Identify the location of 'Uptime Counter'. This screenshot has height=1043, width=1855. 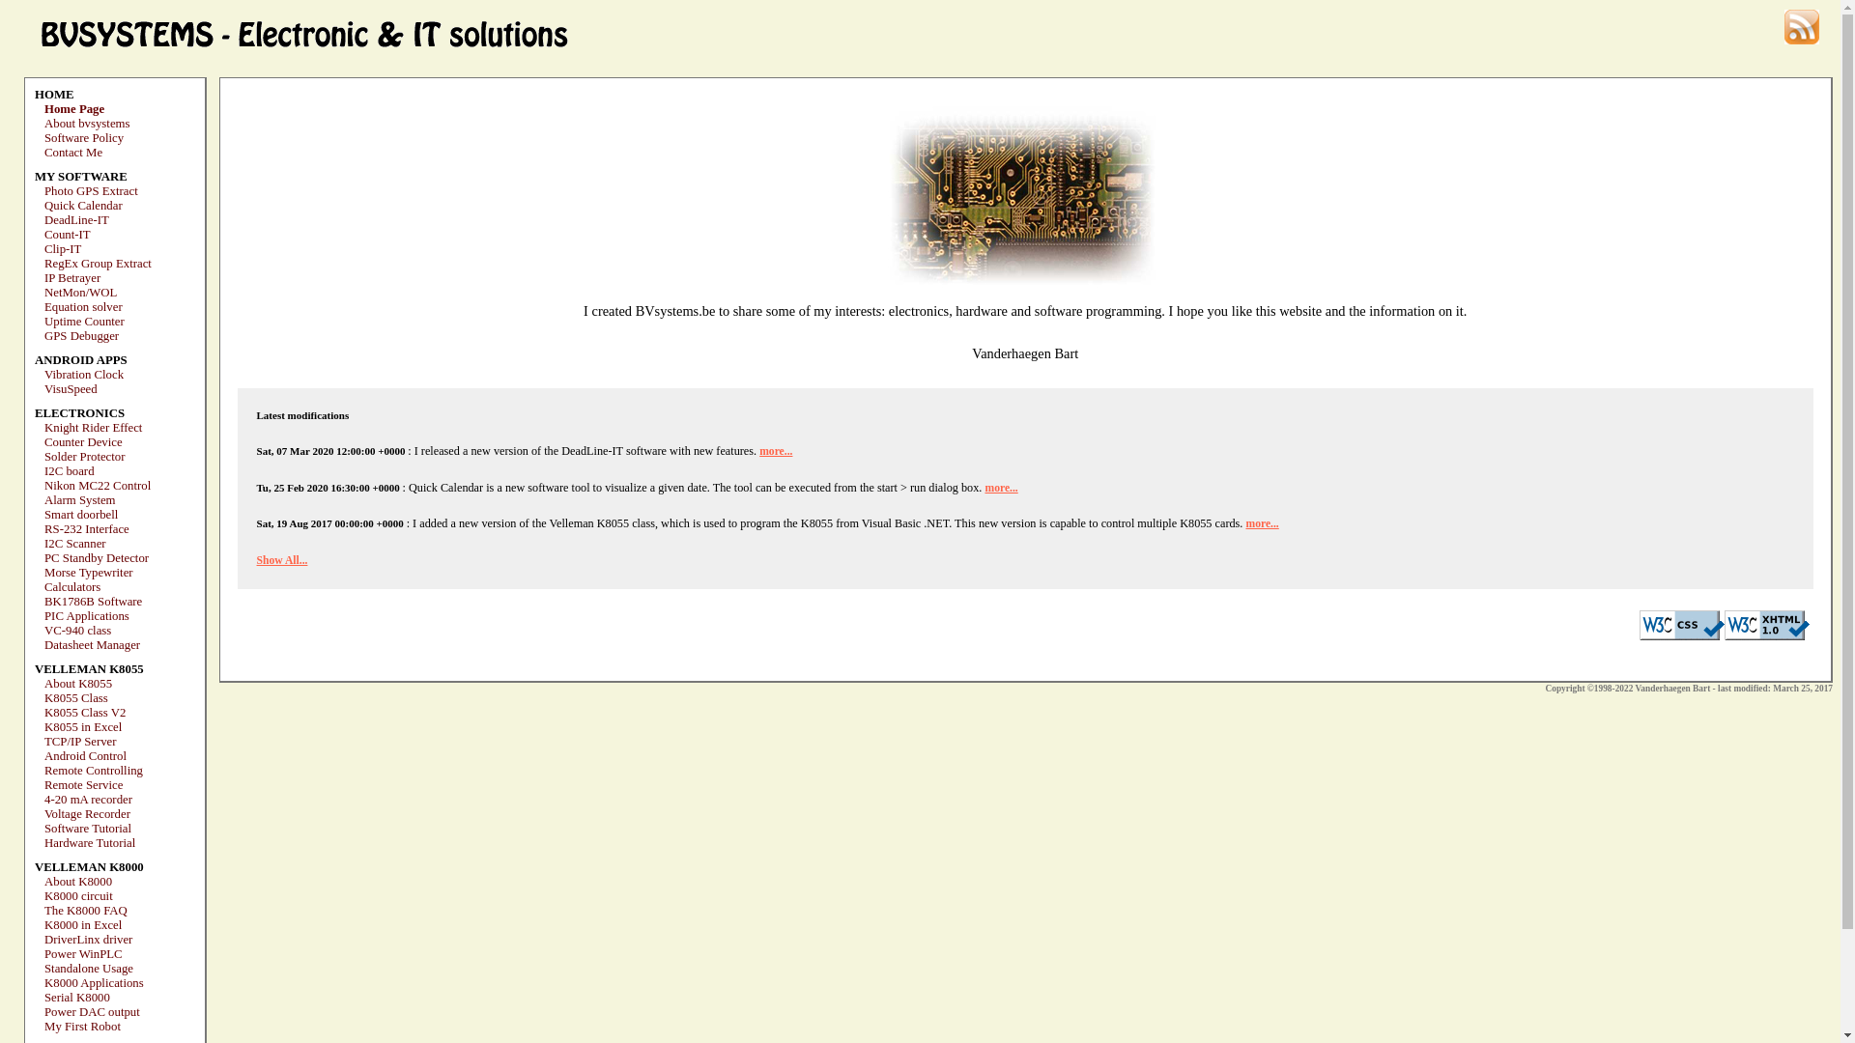
(83, 320).